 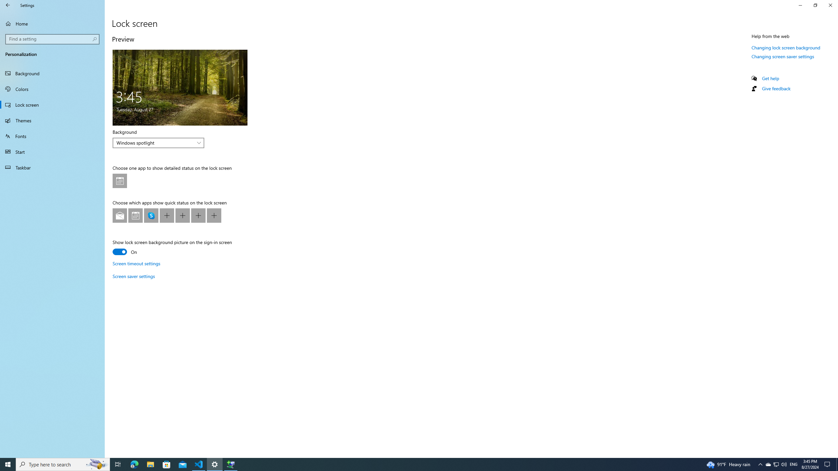 What do you see at coordinates (231, 464) in the screenshot?
I see `'Extensible Wizards Host Process - 1 running window'` at bounding box center [231, 464].